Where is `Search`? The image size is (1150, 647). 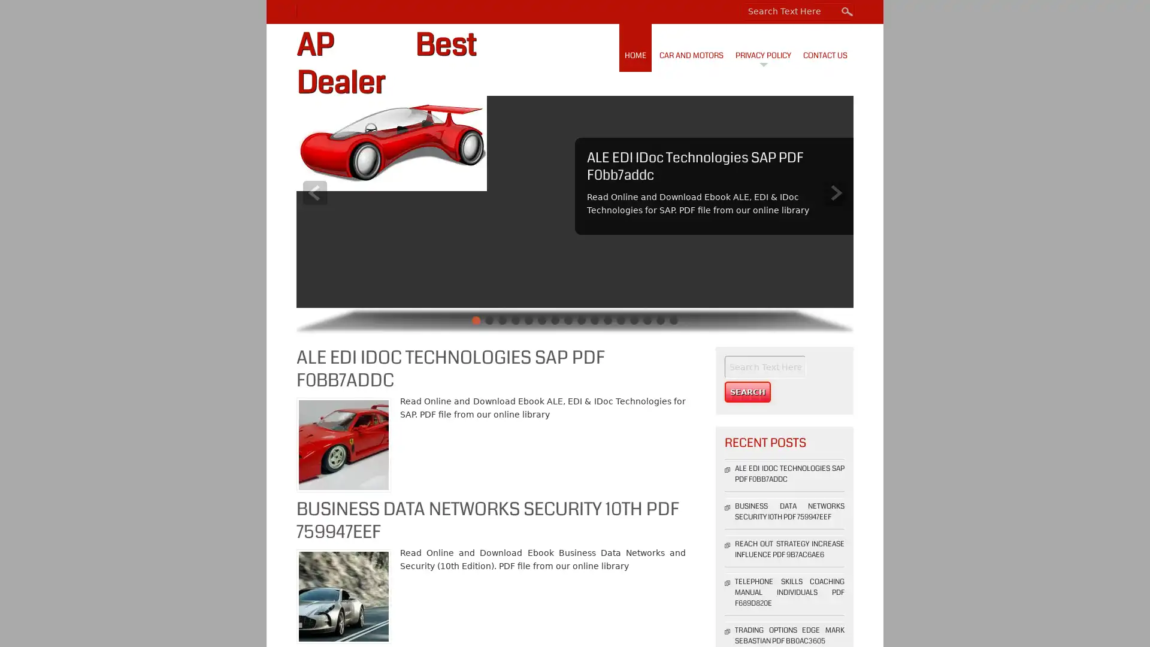
Search is located at coordinates (747, 392).